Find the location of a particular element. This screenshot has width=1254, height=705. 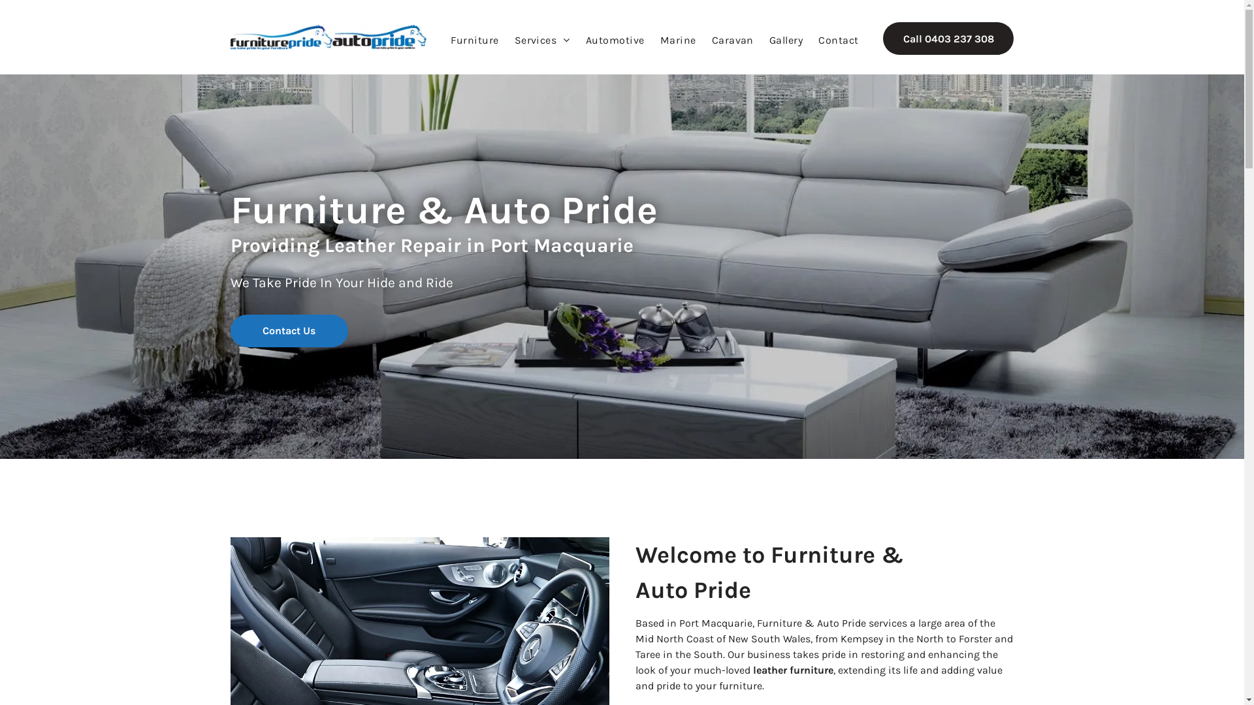

'Contact Us' is located at coordinates (287, 330).